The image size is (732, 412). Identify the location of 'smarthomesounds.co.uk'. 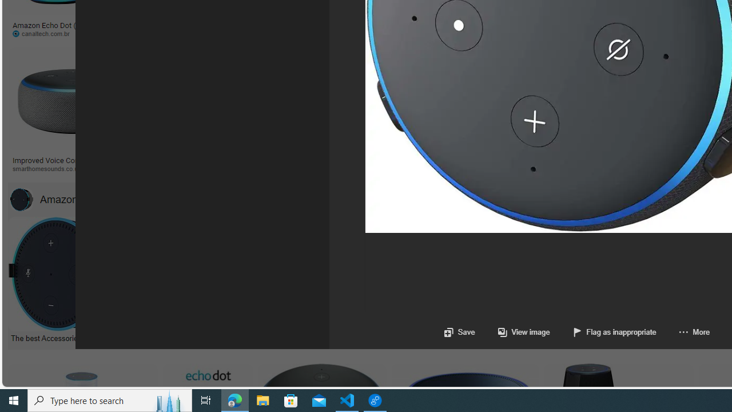
(73, 169).